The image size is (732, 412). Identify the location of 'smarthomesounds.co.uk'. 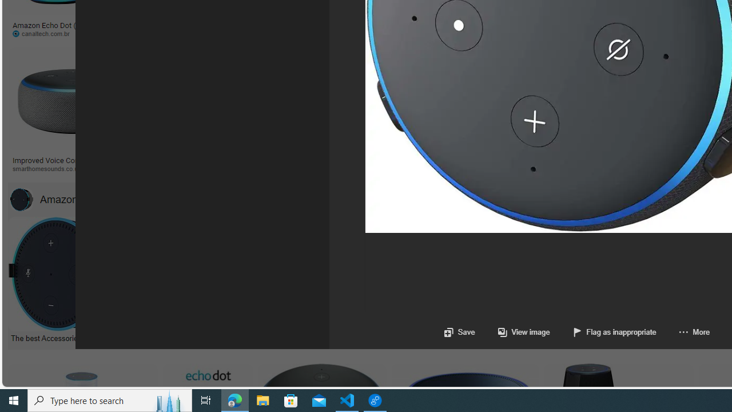
(73, 169).